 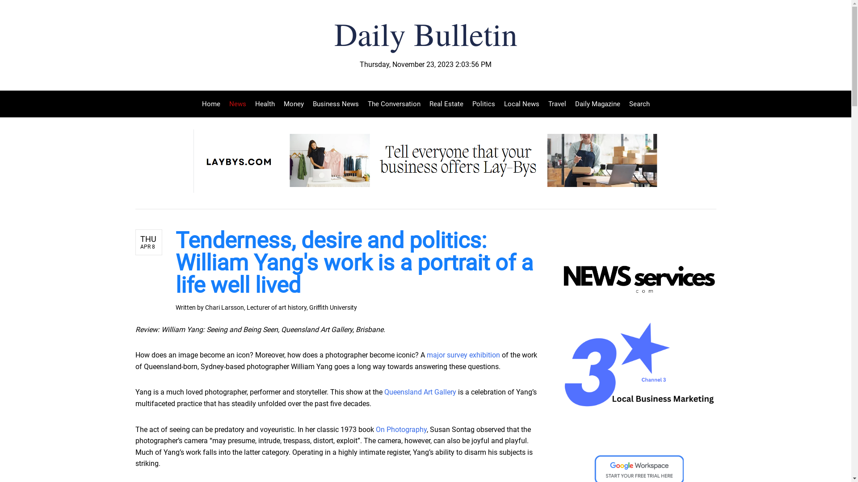 What do you see at coordinates (636, 103) in the screenshot?
I see `'Search'` at bounding box center [636, 103].